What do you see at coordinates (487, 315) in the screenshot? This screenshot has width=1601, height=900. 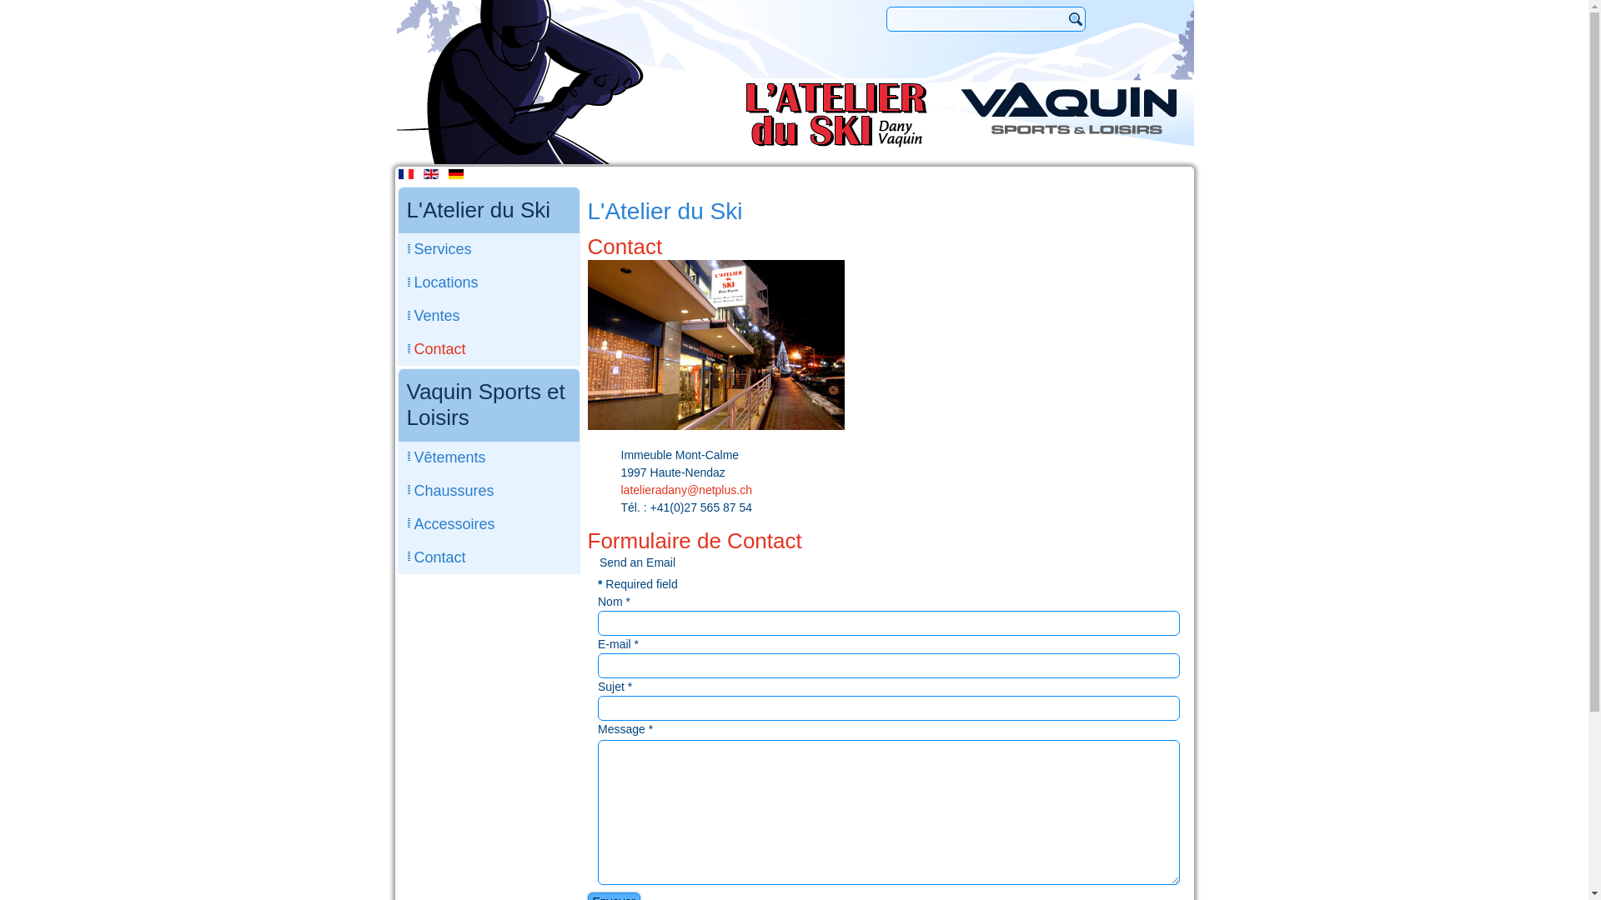 I see `'Ventes'` at bounding box center [487, 315].